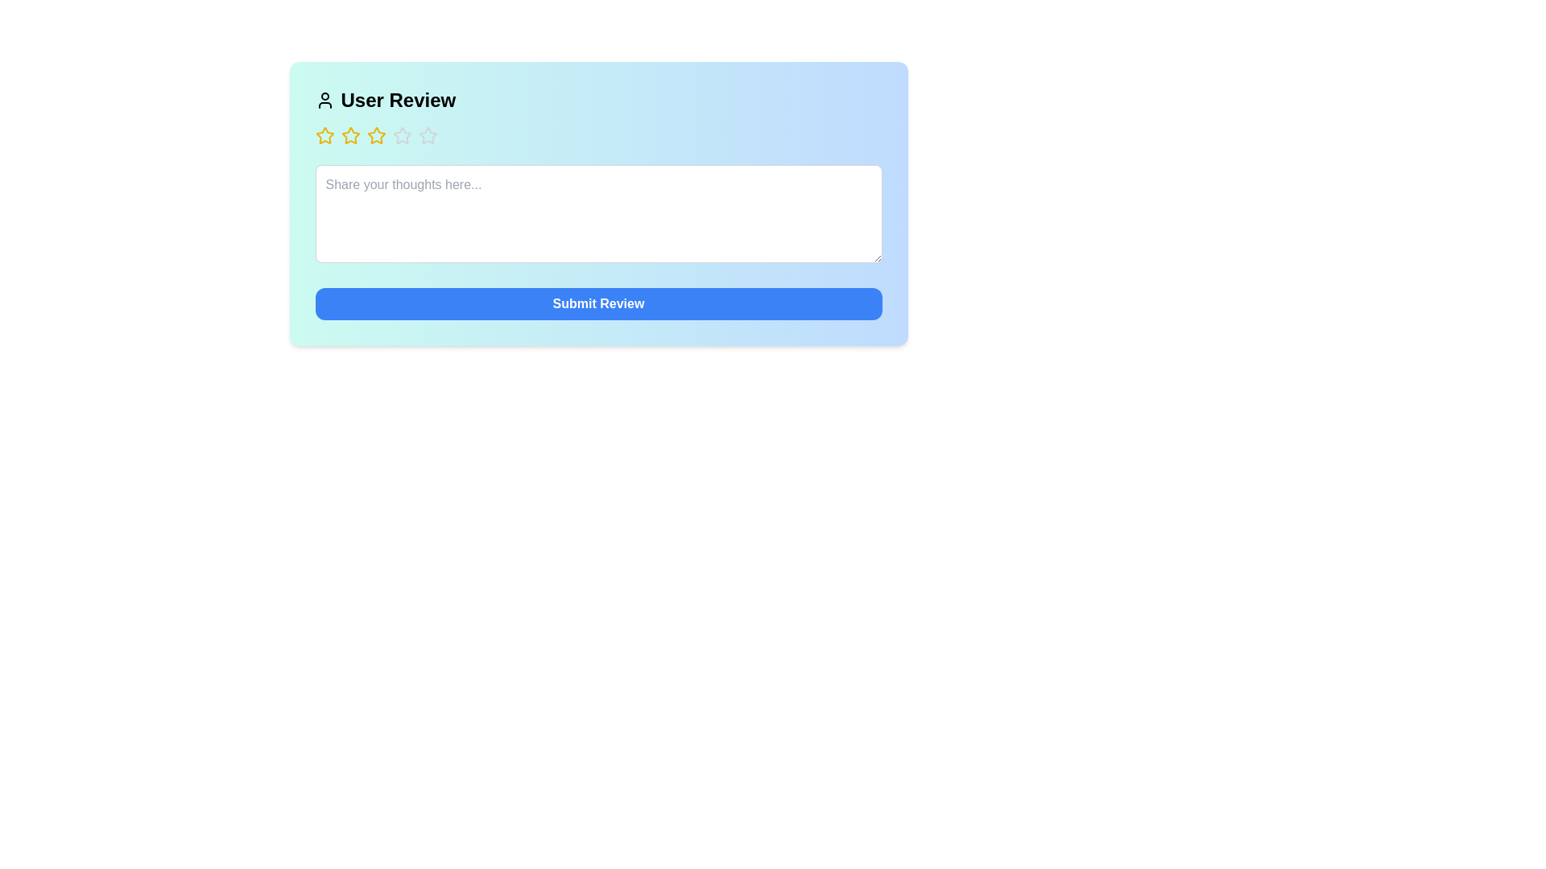 Image resolution: width=1546 pixels, height=869 pixels. What do you see at coordinates (402, 135) in the screenshot?
I see `the star corresponding to the desired rating of 4 stars` at bounding box center [402, 135].